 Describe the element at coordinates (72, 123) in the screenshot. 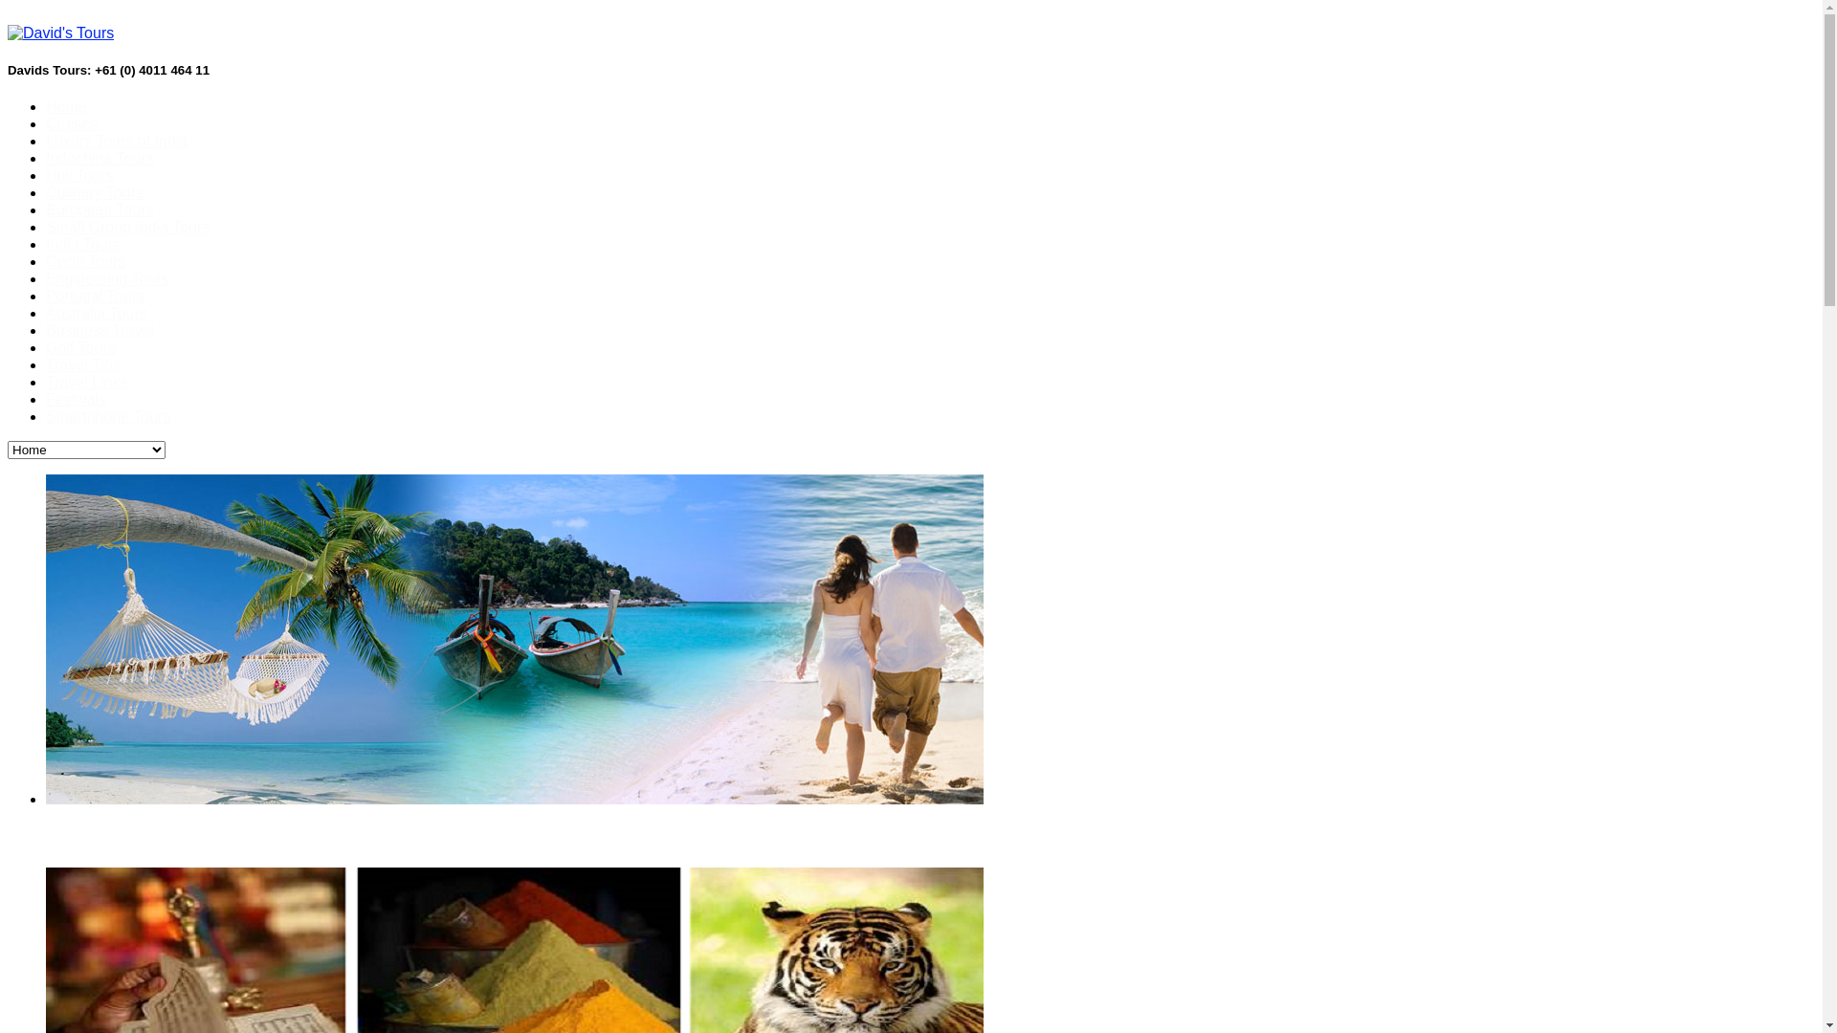

I see `'Cruises'` at that location.